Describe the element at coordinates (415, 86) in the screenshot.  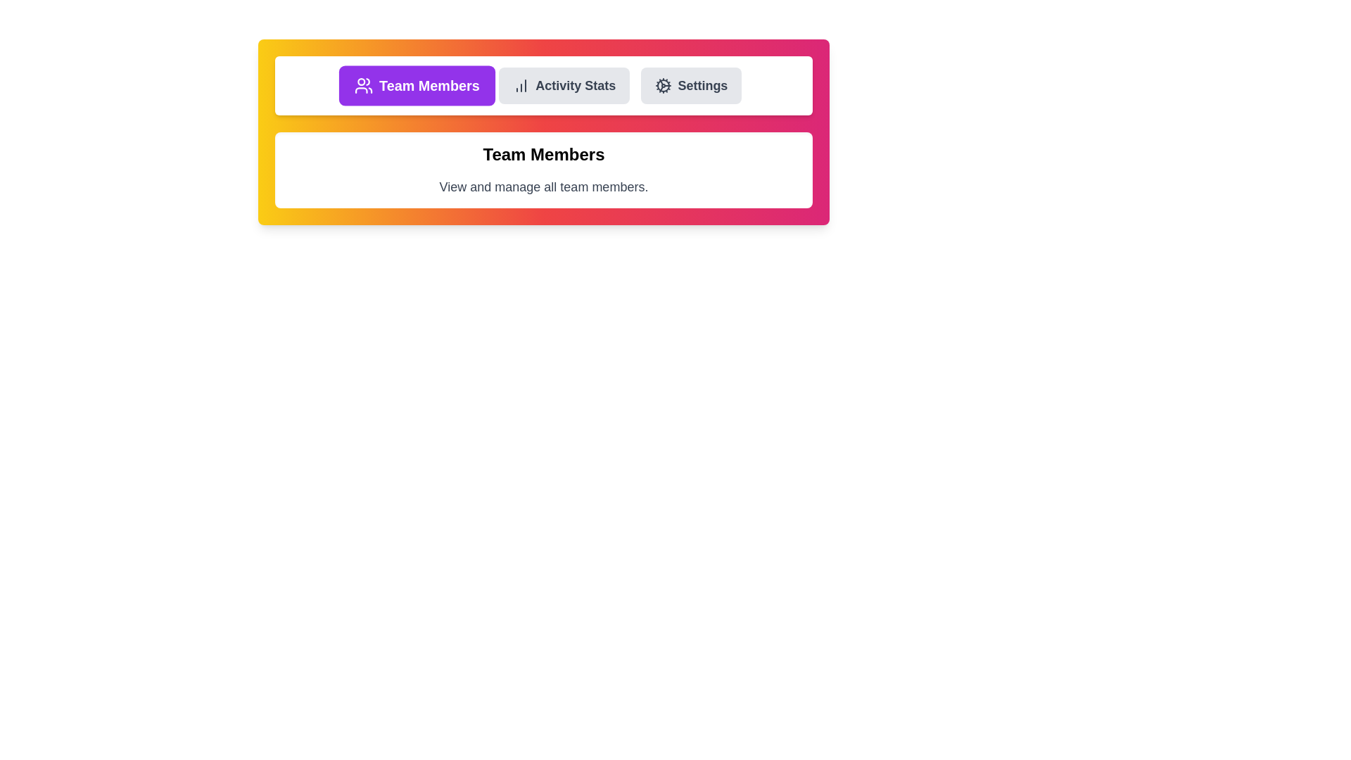
I see `the tab labeled Team Members to view its description` at that location.